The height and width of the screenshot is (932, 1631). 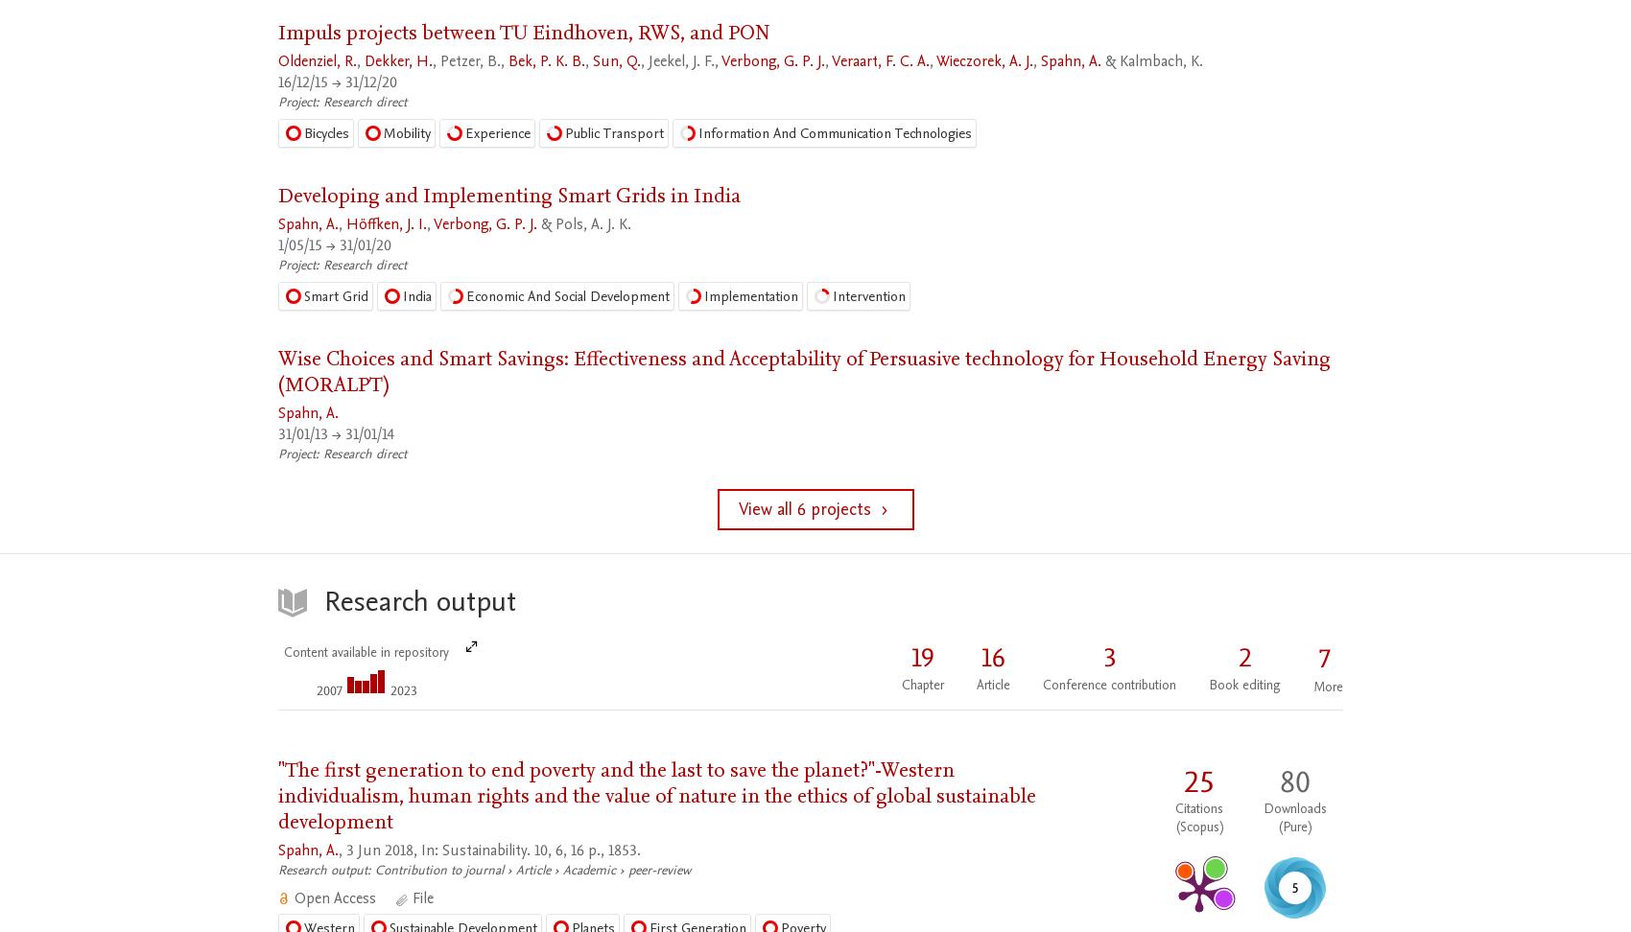 I want to click on 'Developing and Implementing Smart Grids in India', so click(x=509, y=195).